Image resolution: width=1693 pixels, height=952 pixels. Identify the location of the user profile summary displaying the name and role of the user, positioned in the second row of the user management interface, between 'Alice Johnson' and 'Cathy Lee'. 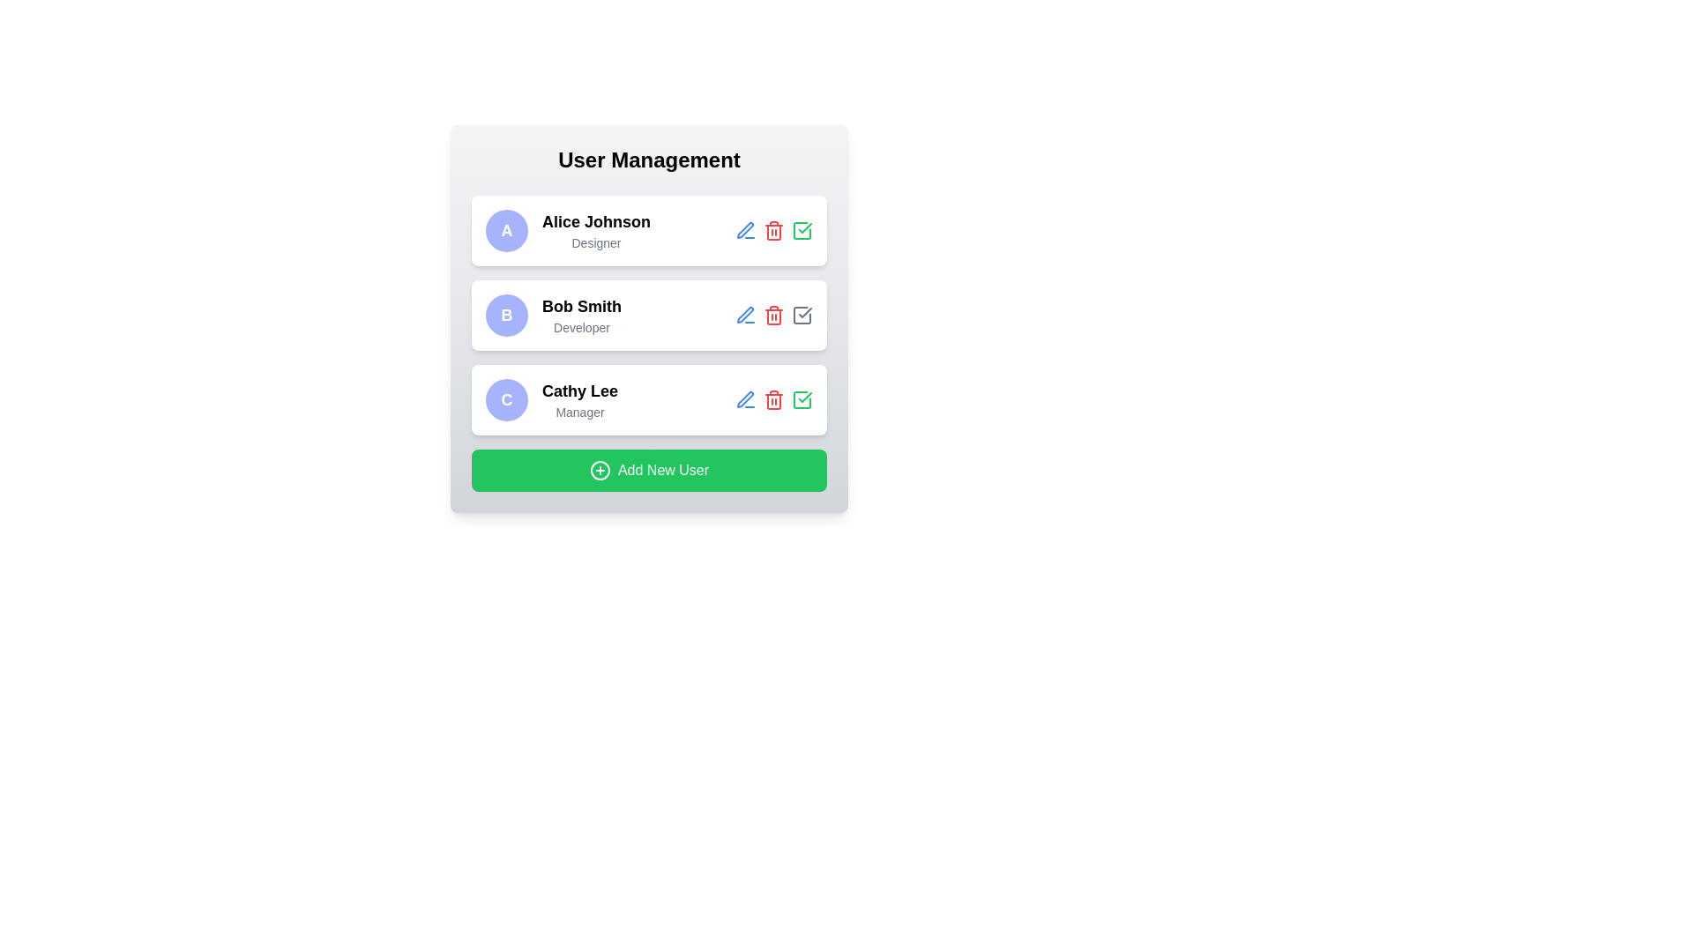
(553, 315).